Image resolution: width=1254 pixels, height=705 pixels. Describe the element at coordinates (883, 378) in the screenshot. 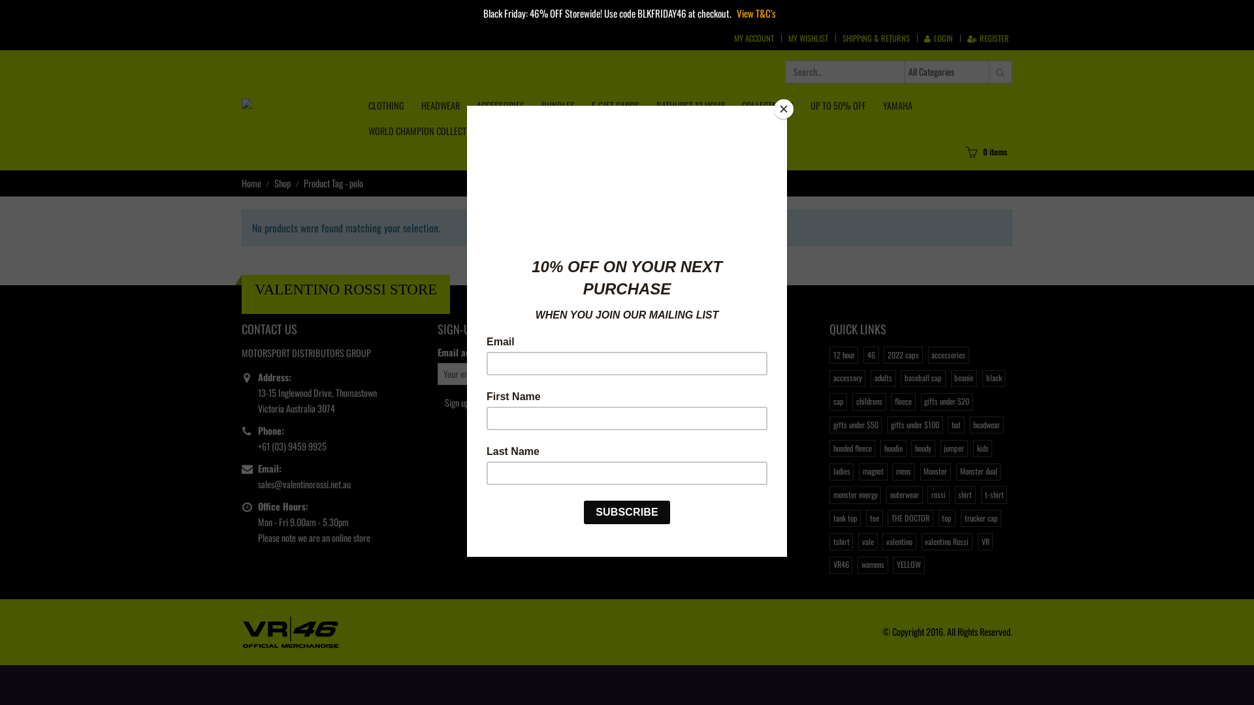

I see `'adults'` at that location.